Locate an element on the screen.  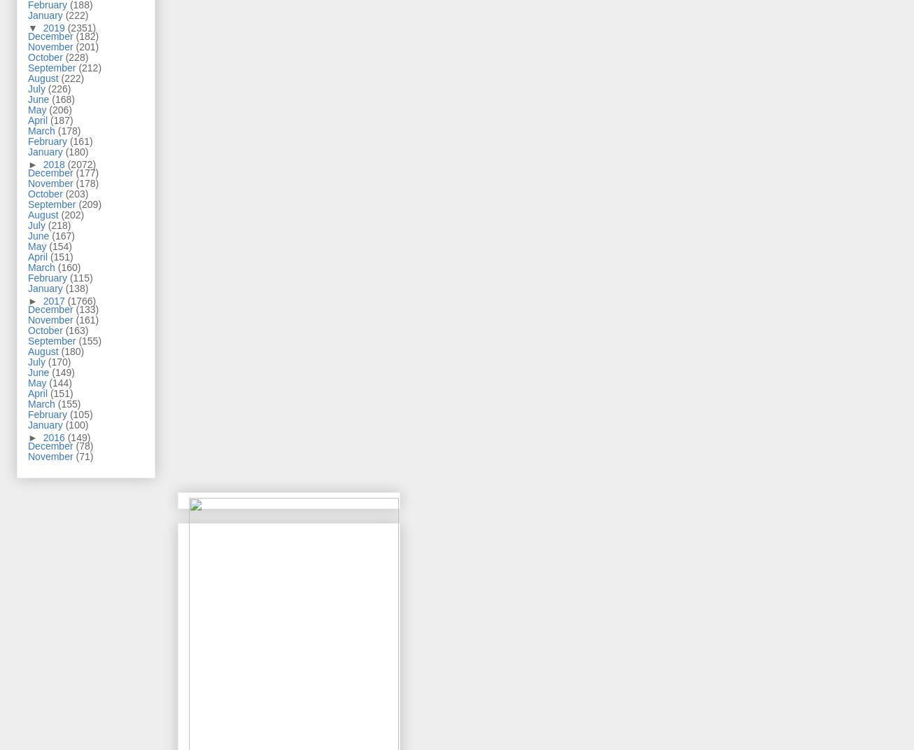
'(177)' is located at coordinates (86, 172).